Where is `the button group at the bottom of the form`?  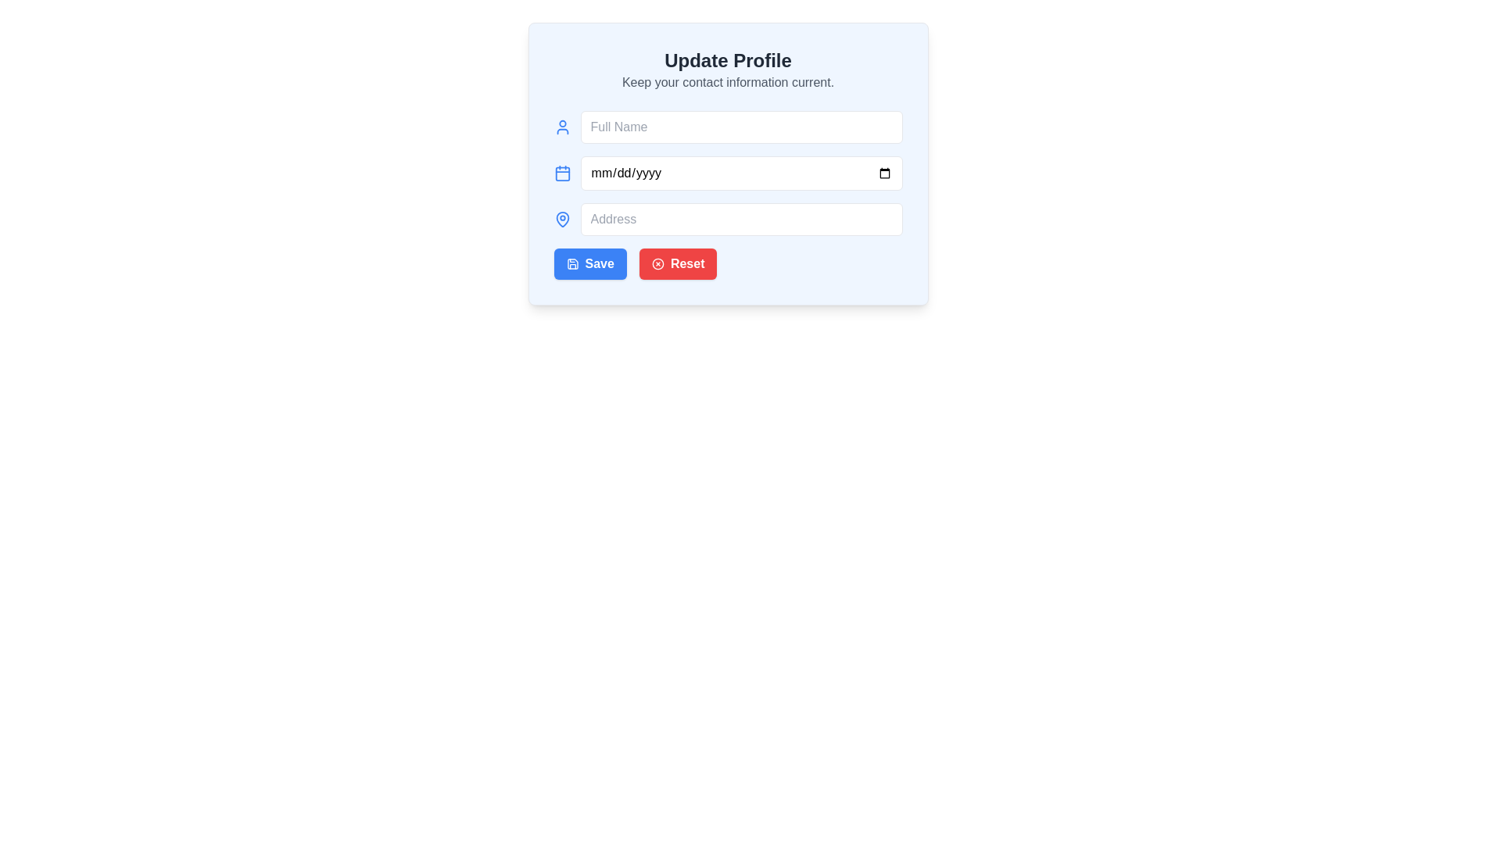
the button group at the bottom of the form is located at coordinates (727, 263).